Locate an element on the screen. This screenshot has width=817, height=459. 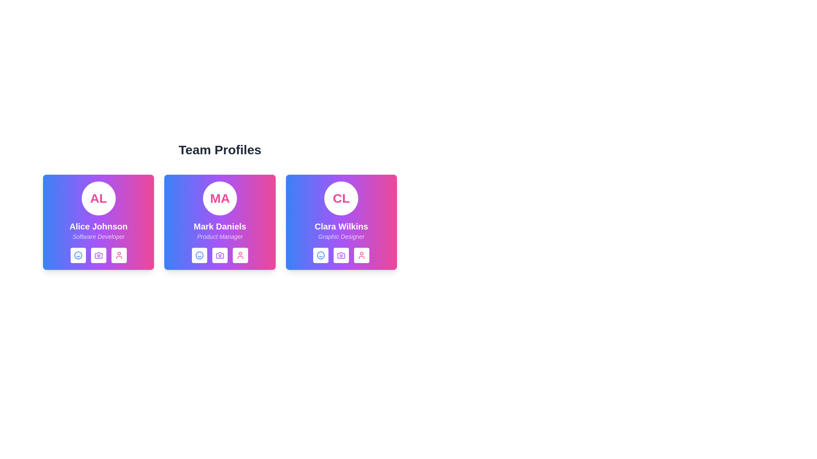
the text label displaying 'Software Developer' which is styled in a small italic font and positioned below 'Alice Johnson' in the gradient card is located at coordinates (98, 236).